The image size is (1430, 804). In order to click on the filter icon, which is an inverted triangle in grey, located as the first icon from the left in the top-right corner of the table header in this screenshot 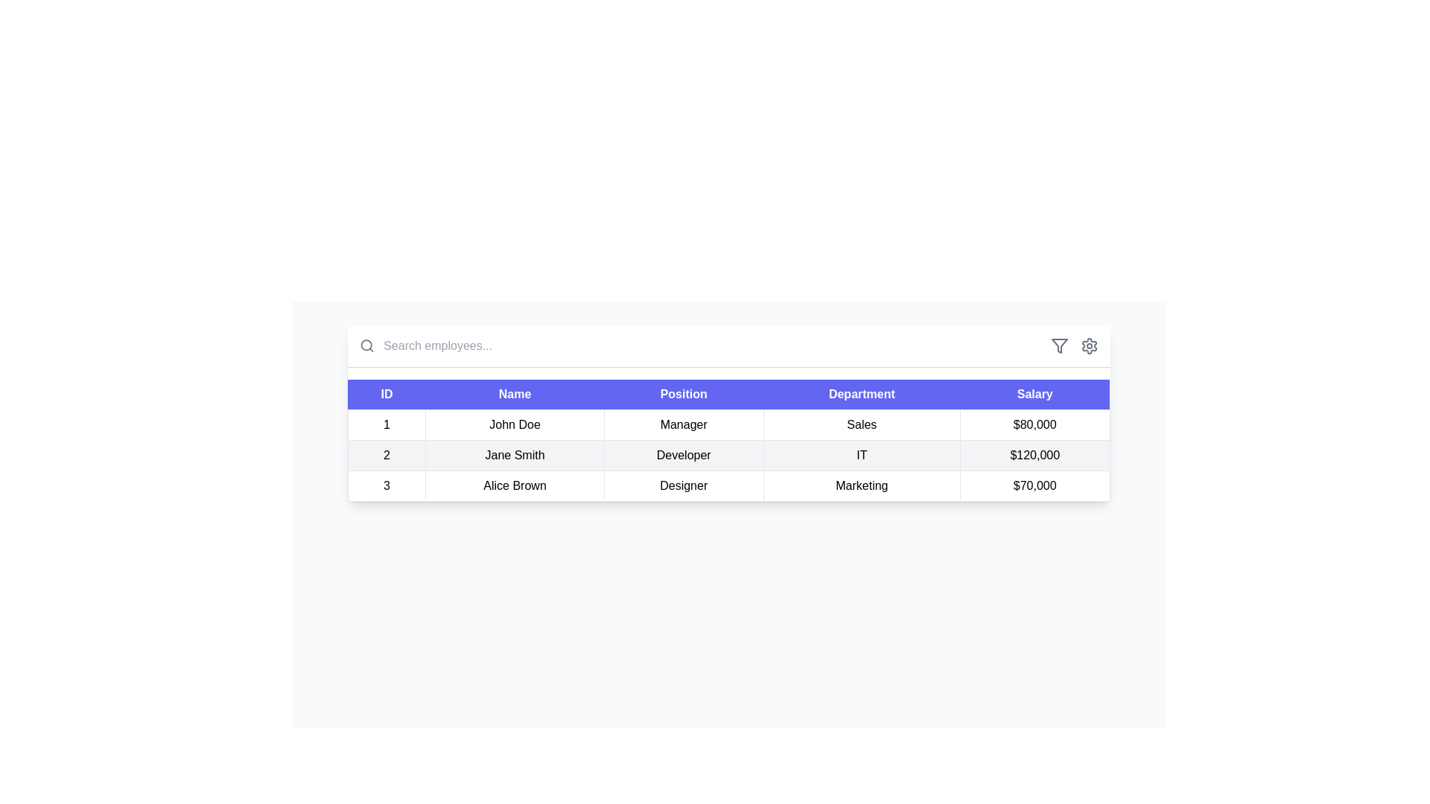, I will do `click(1058, 346)`.